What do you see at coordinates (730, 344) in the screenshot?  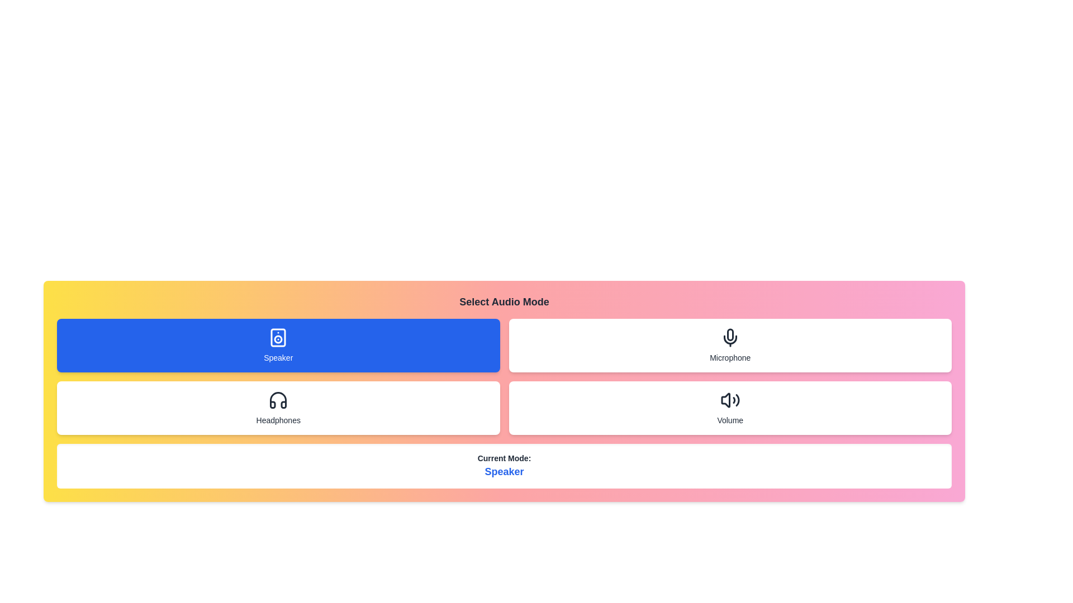 I see `the audio mode to Microphone` at bounding box center [730, 344].